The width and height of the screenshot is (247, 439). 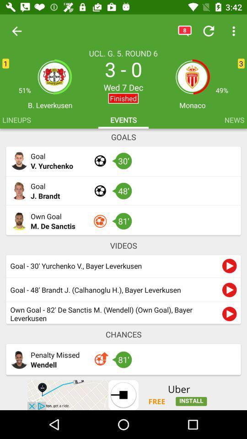 What do you see at coordinates (19, 161) in the screenshot?
I see `the picture of vyurchenko` at bounding box center [19, 161].